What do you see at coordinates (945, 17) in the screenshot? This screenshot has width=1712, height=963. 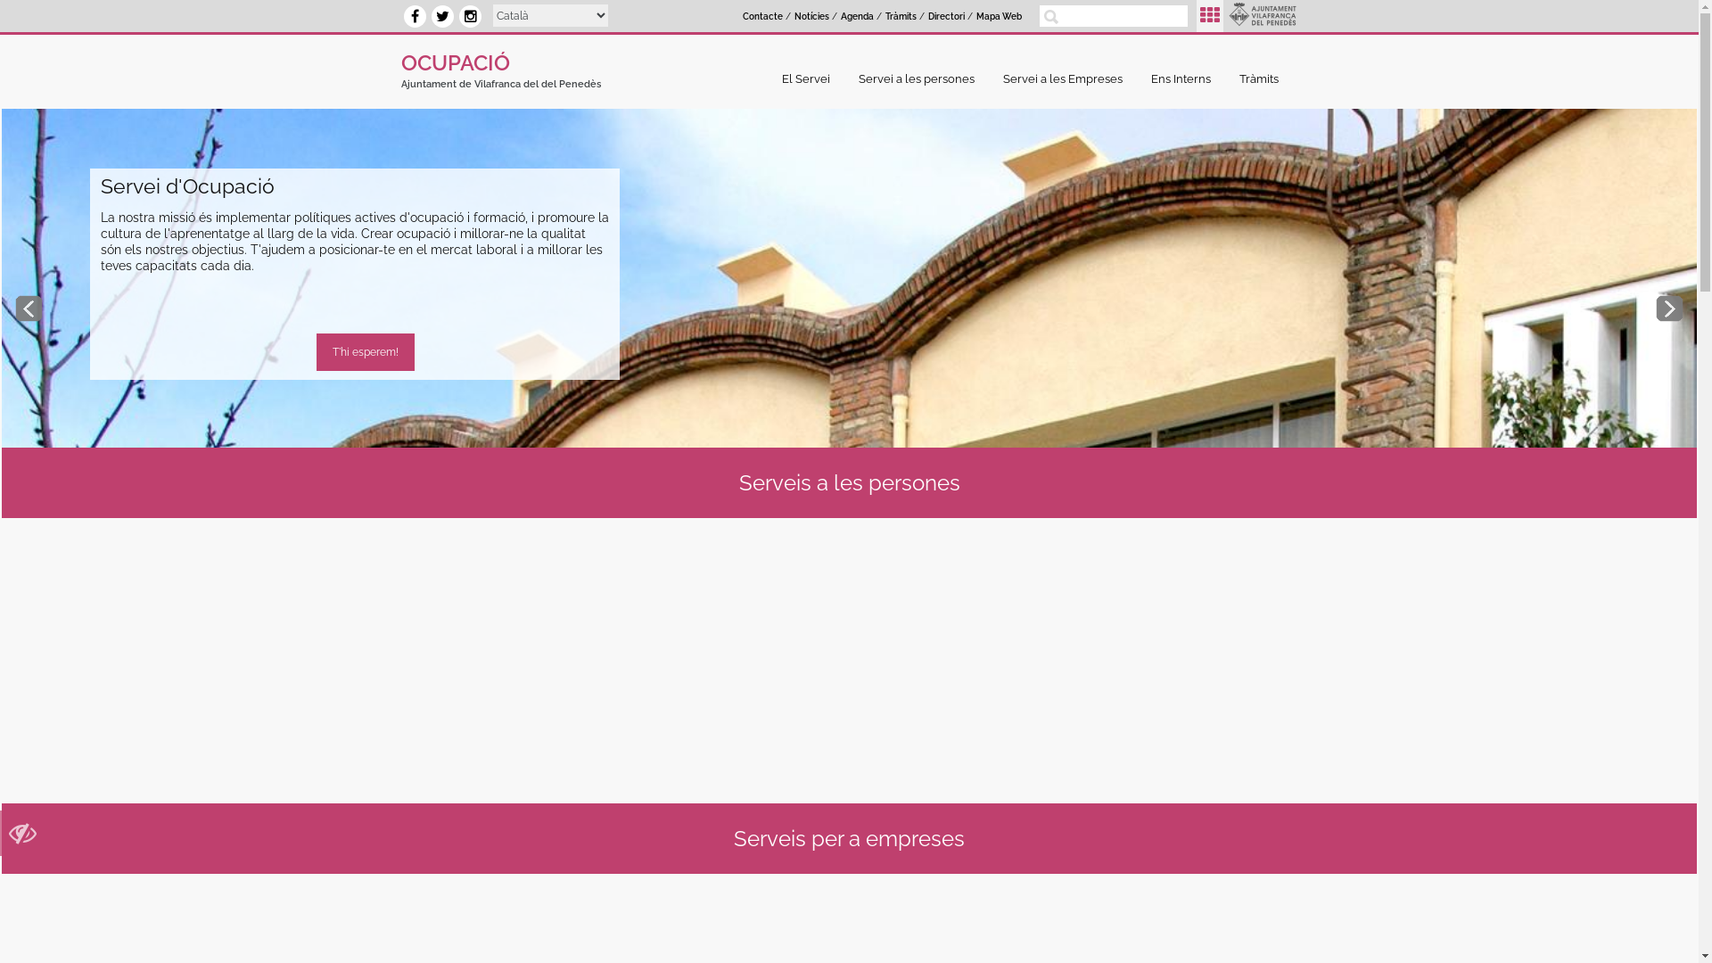 I see `'Directori'` at bounding box center [945, 17].